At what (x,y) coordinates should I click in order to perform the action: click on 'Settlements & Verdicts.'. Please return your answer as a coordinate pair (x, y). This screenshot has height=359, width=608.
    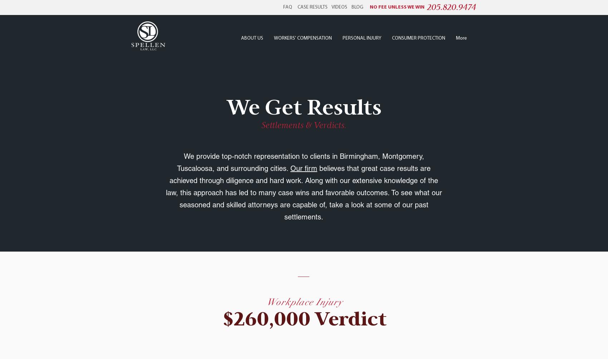
    Looking at the image, I should click on (304, 125).